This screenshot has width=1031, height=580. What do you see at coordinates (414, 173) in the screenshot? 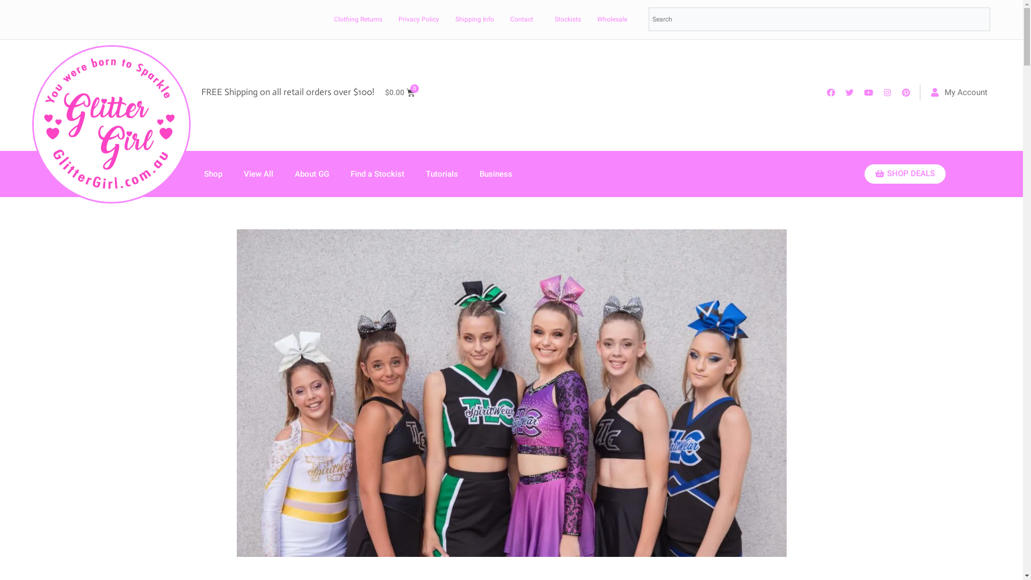
I see `'Tutorials'` at bounding box center [414, 173].